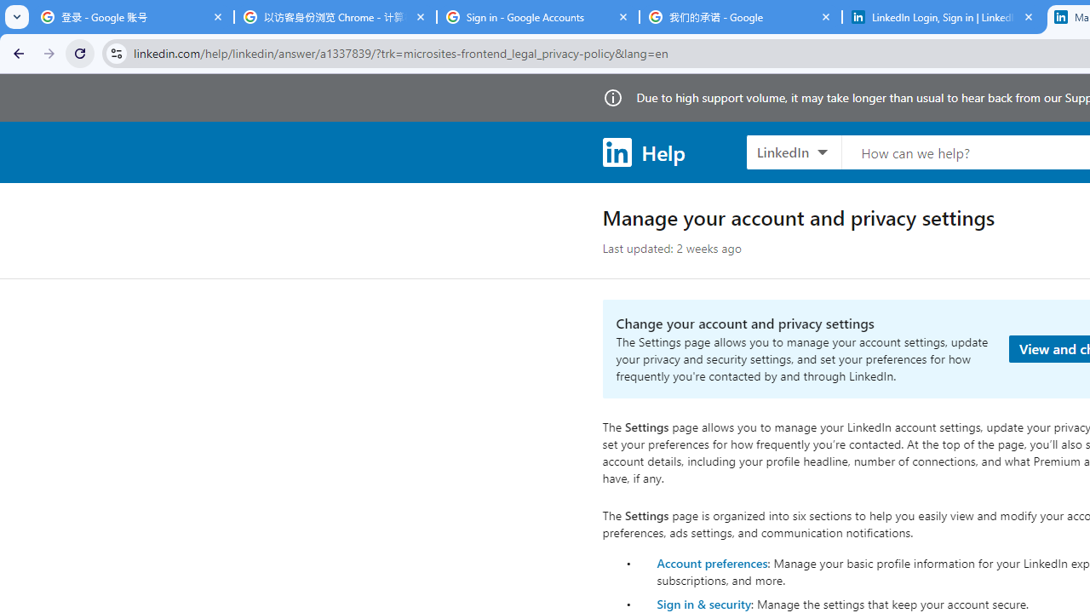 The image size is (1090, 613). What do you see at coordinates (793, 151) in the screenshot?
I see `'LinkedIn products to search, LinkedIn selected'` at bounding box center [793, 151].